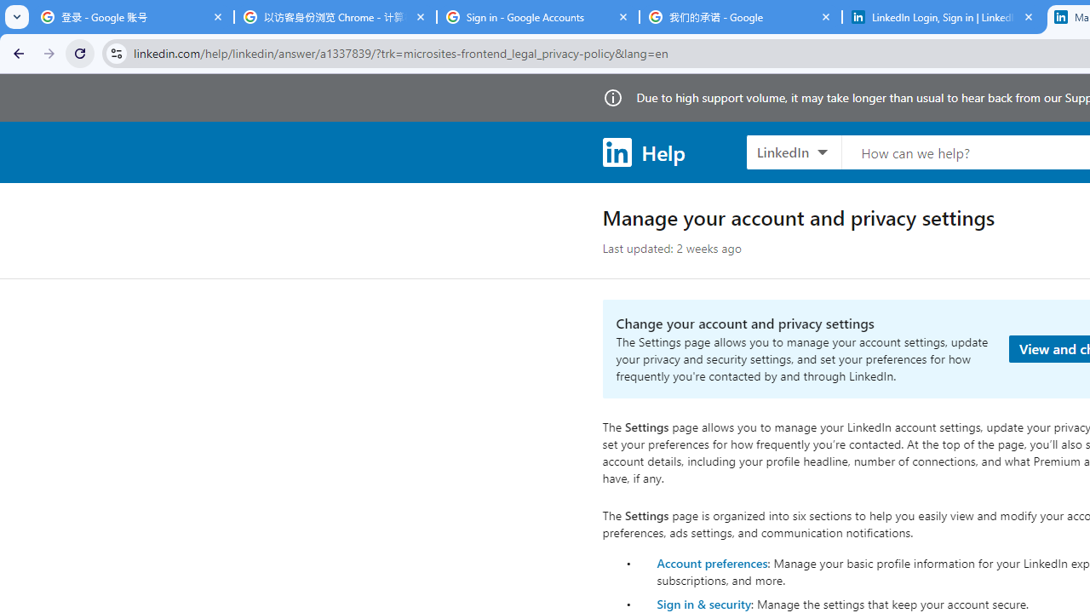 The image size is (1090, 613). What do you see at coordinates (793, 151) in the screenshot?
I see `'LinkedIn products to search, LinkedIn selected'` at bounding box center [793, 151].